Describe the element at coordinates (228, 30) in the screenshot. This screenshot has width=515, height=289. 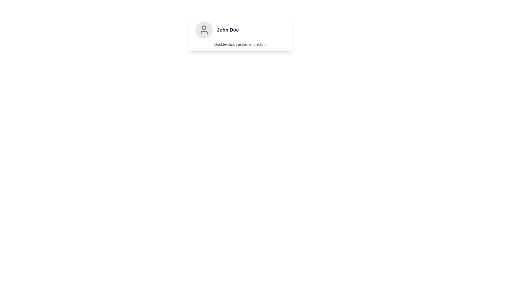
I see `the text label displaying 'John Doe', which is styled in bold and dark gray, positioned to the right of a user silhouette icon` at that location.